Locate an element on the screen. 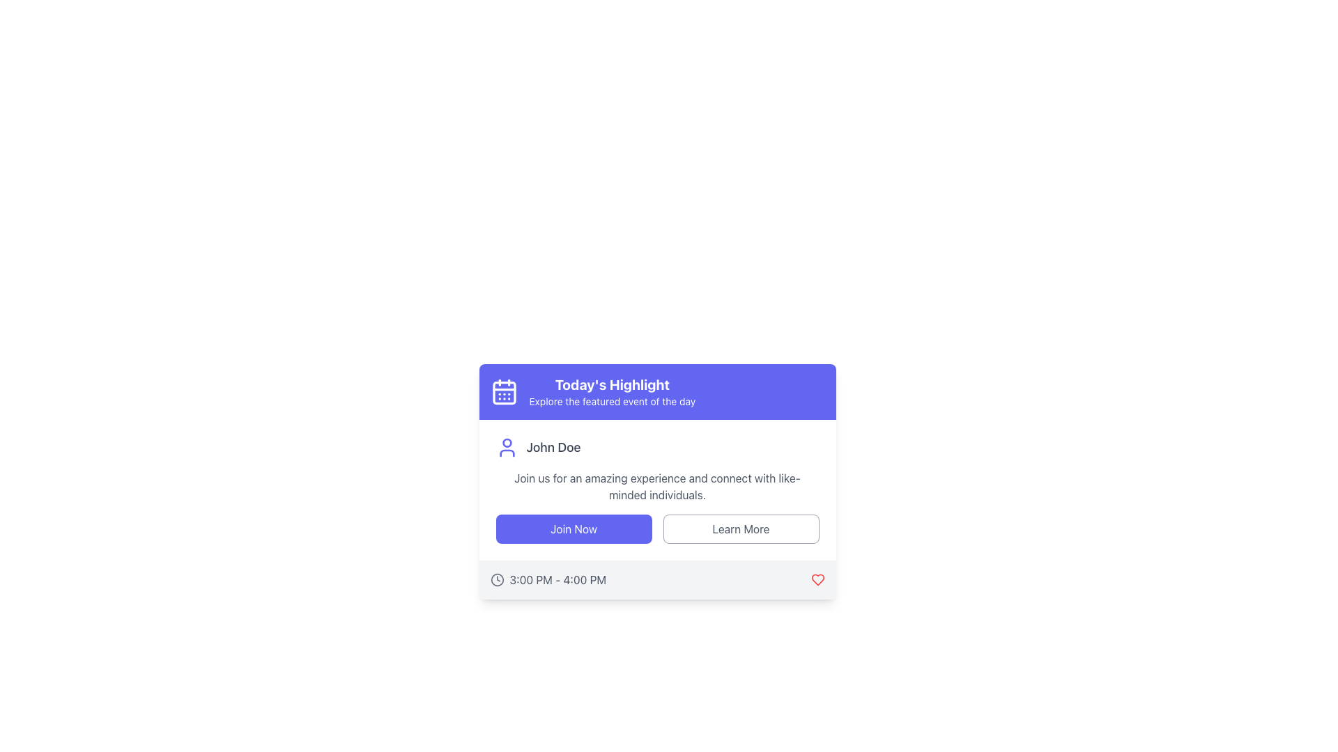 This screenshot has height=752, width=1338. the heart-shaped icon button located in the bottom right corner of the interface is located at coordinates (817, 580).